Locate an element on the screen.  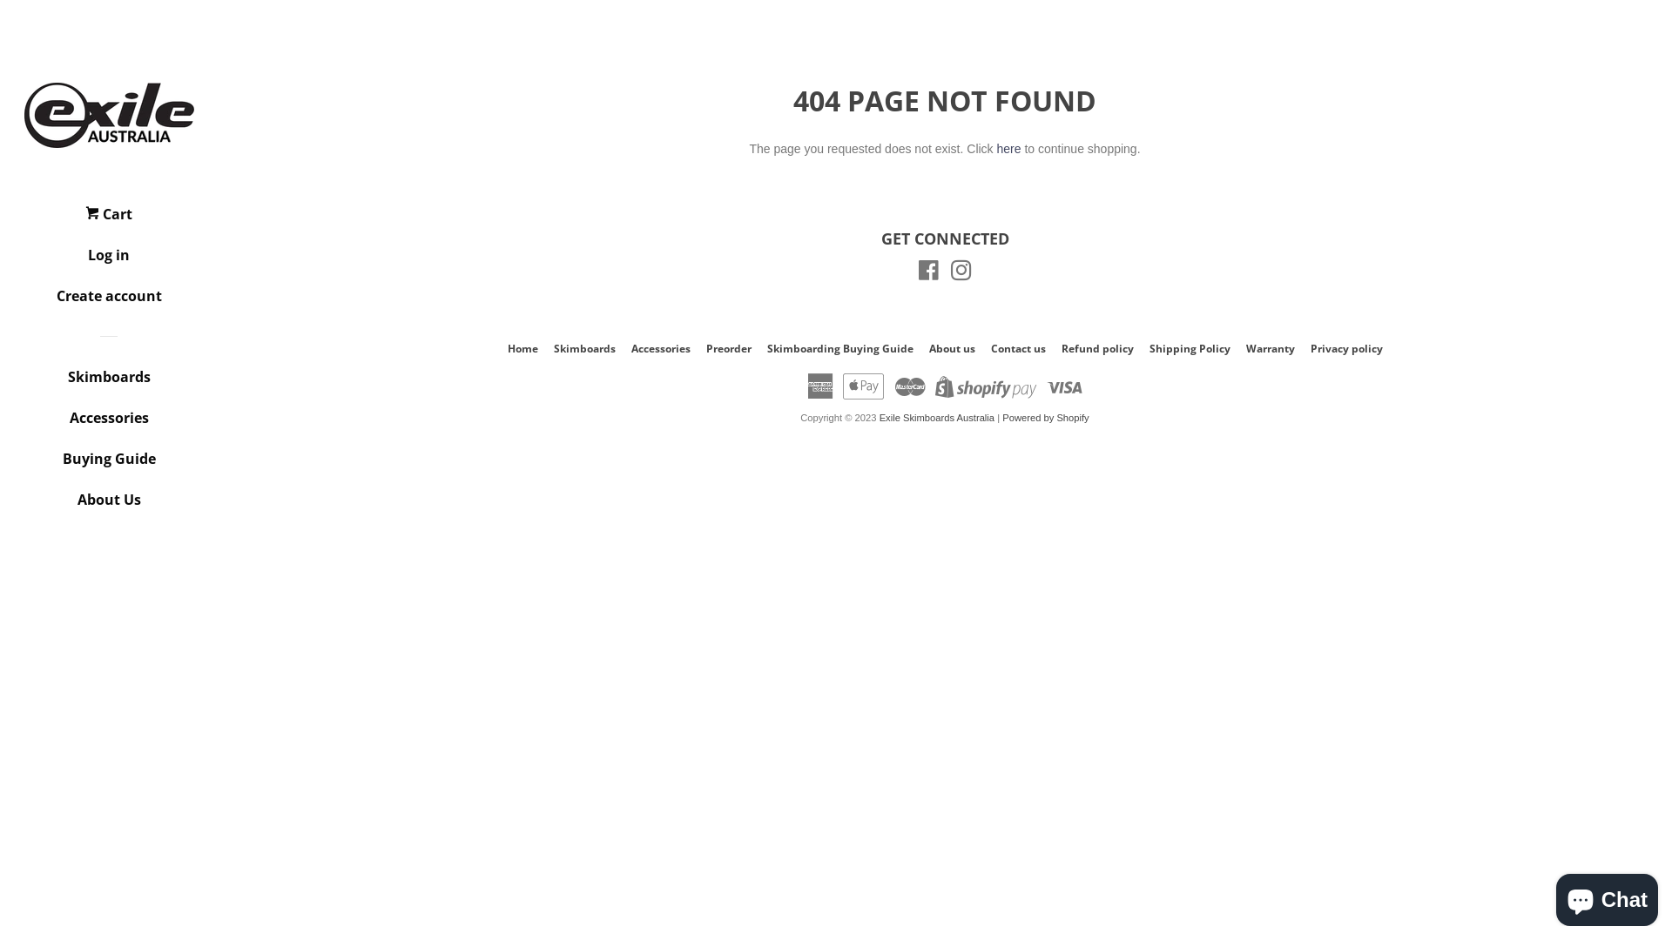
'Facebook' is located at coordinates (927, 274).